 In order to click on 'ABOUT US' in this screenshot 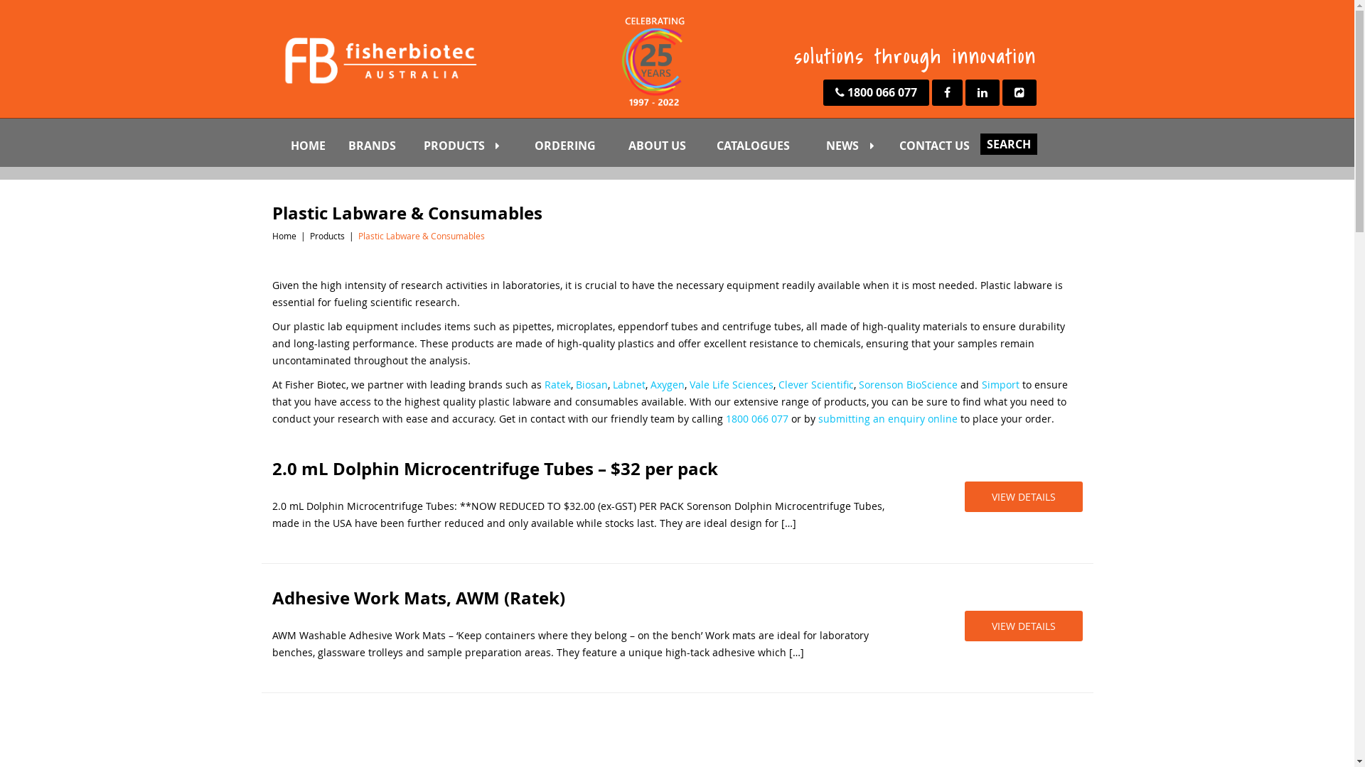, I will do `click(668, 145)`.